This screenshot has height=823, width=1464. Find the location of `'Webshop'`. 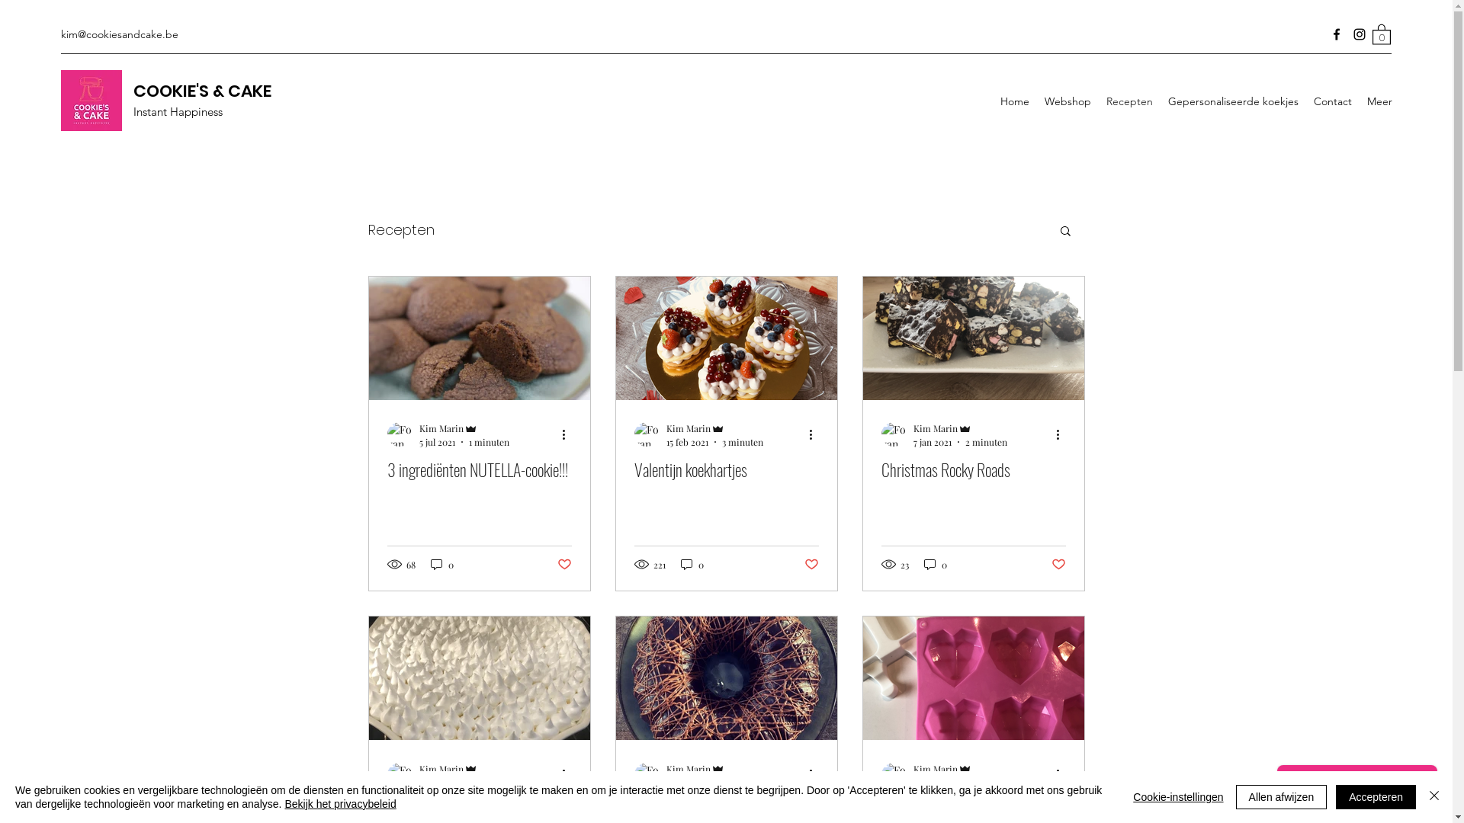

'Webshop' is located at coordinates (1036, 101).